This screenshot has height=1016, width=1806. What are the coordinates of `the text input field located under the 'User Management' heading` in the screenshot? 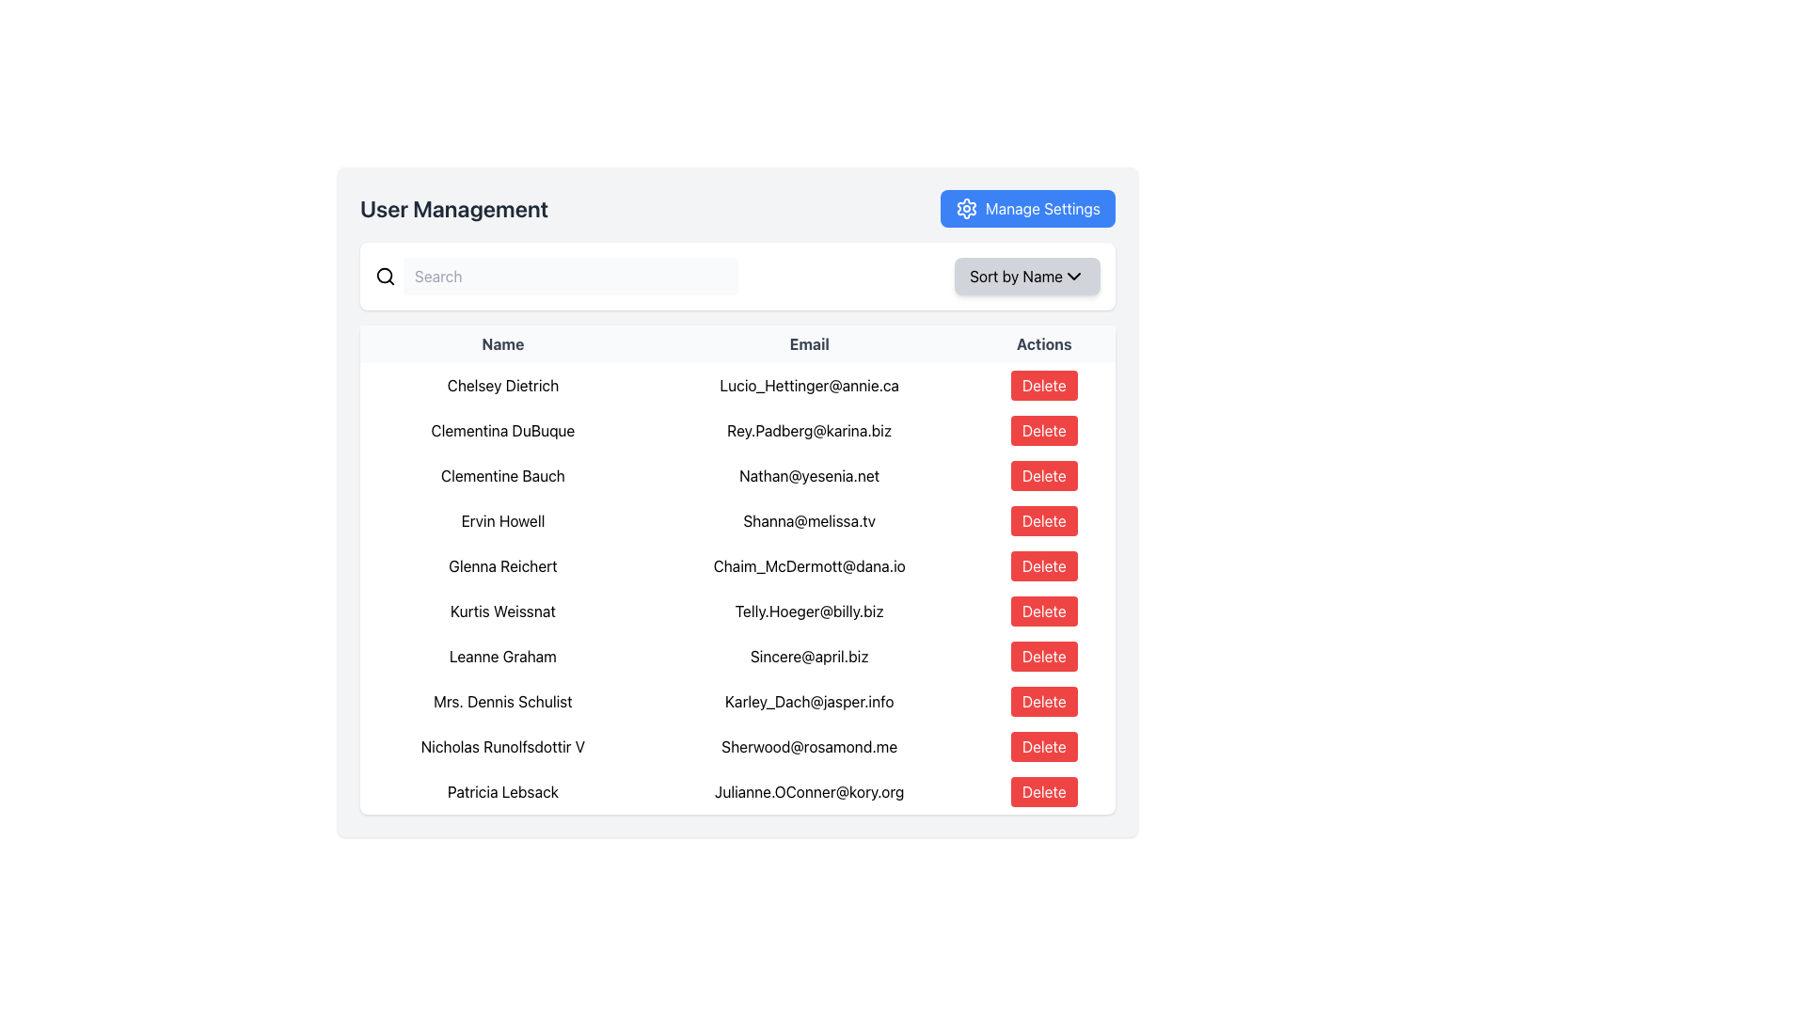 It's located at (737, 276).